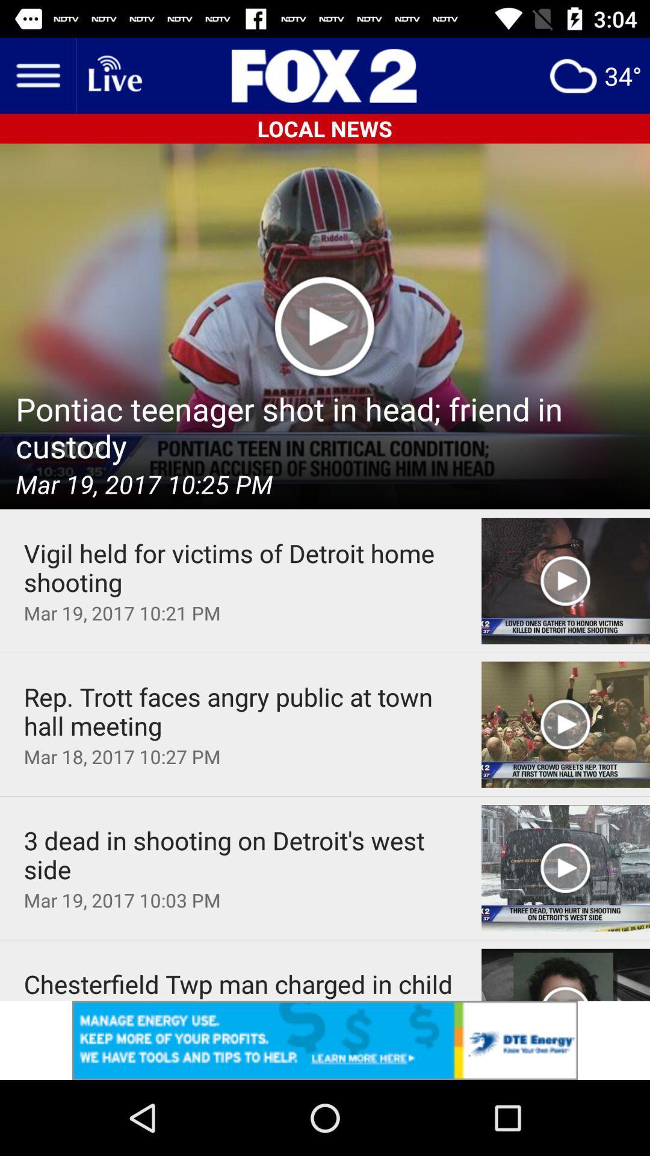  What do you see at coordinates (37, 75) in the screenshot?
I see `the menu icon` at bounding box center [37, 75].